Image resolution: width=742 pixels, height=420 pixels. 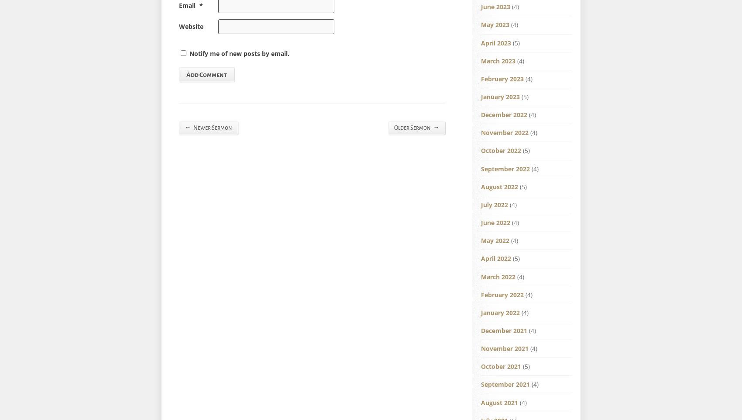 What do you see at coordinates (239, 52) in the screenshot?
I see `'Notify me of new posts by email.'` at bounding box center [239, 52].